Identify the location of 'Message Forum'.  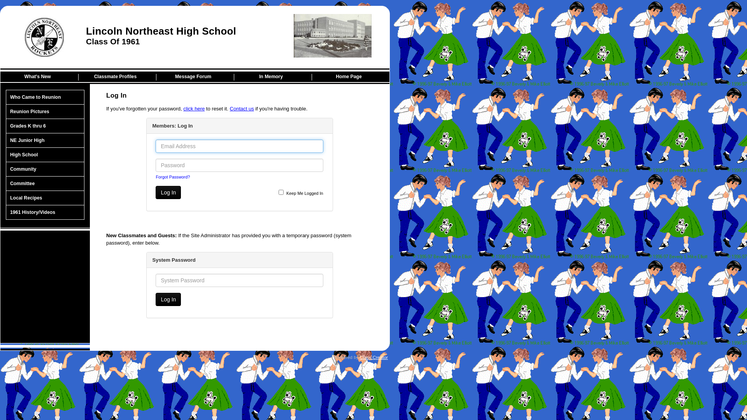
(195, 77).